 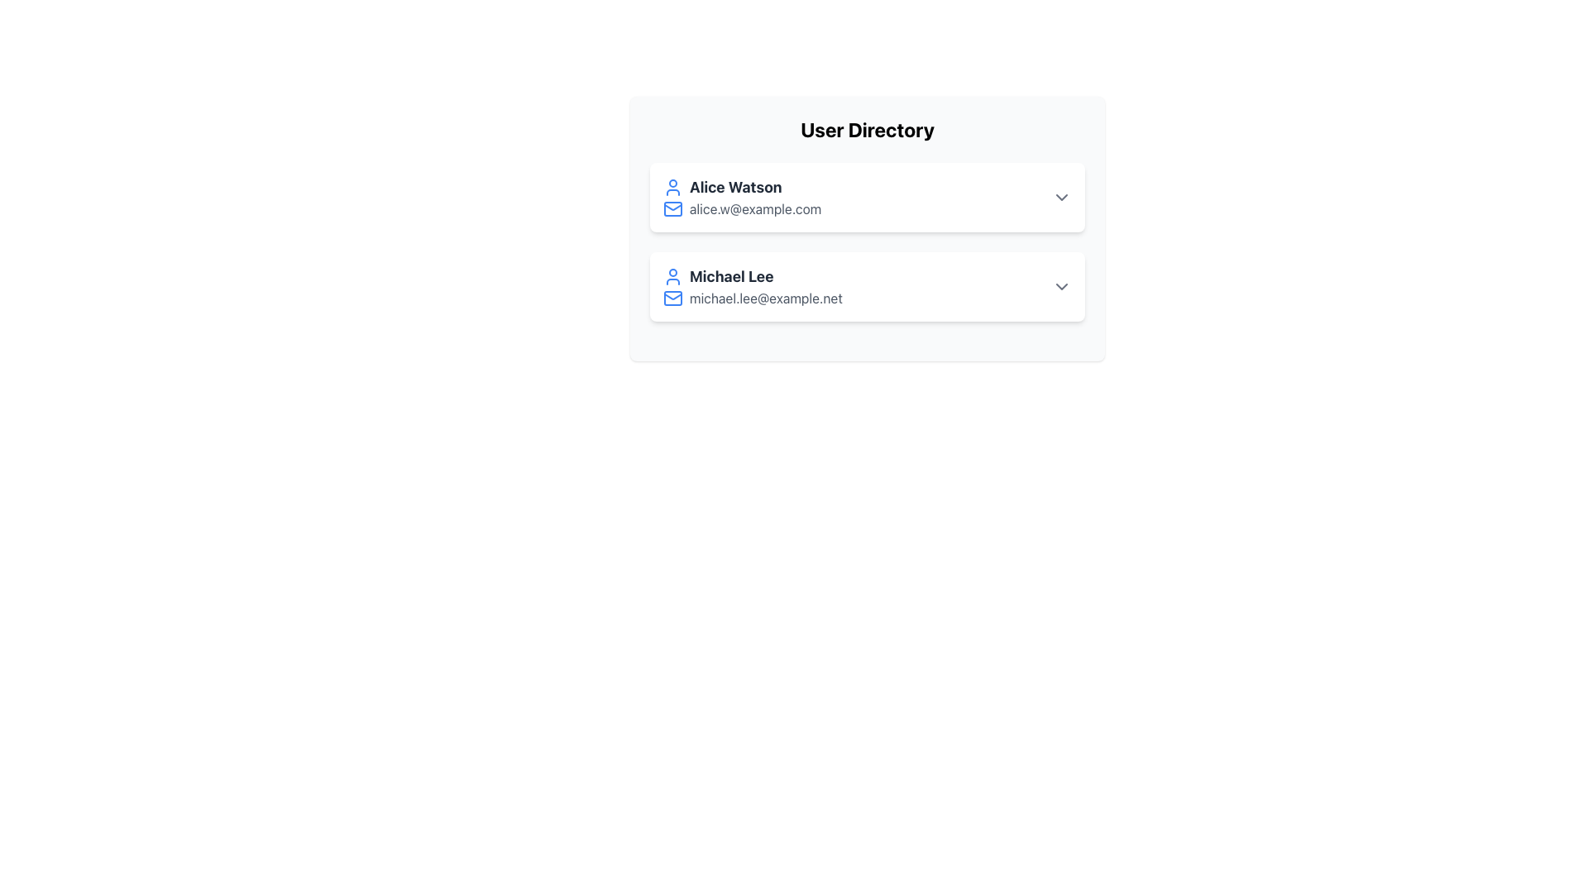 I want to click on the second user entry, so click(x=752, y=286).